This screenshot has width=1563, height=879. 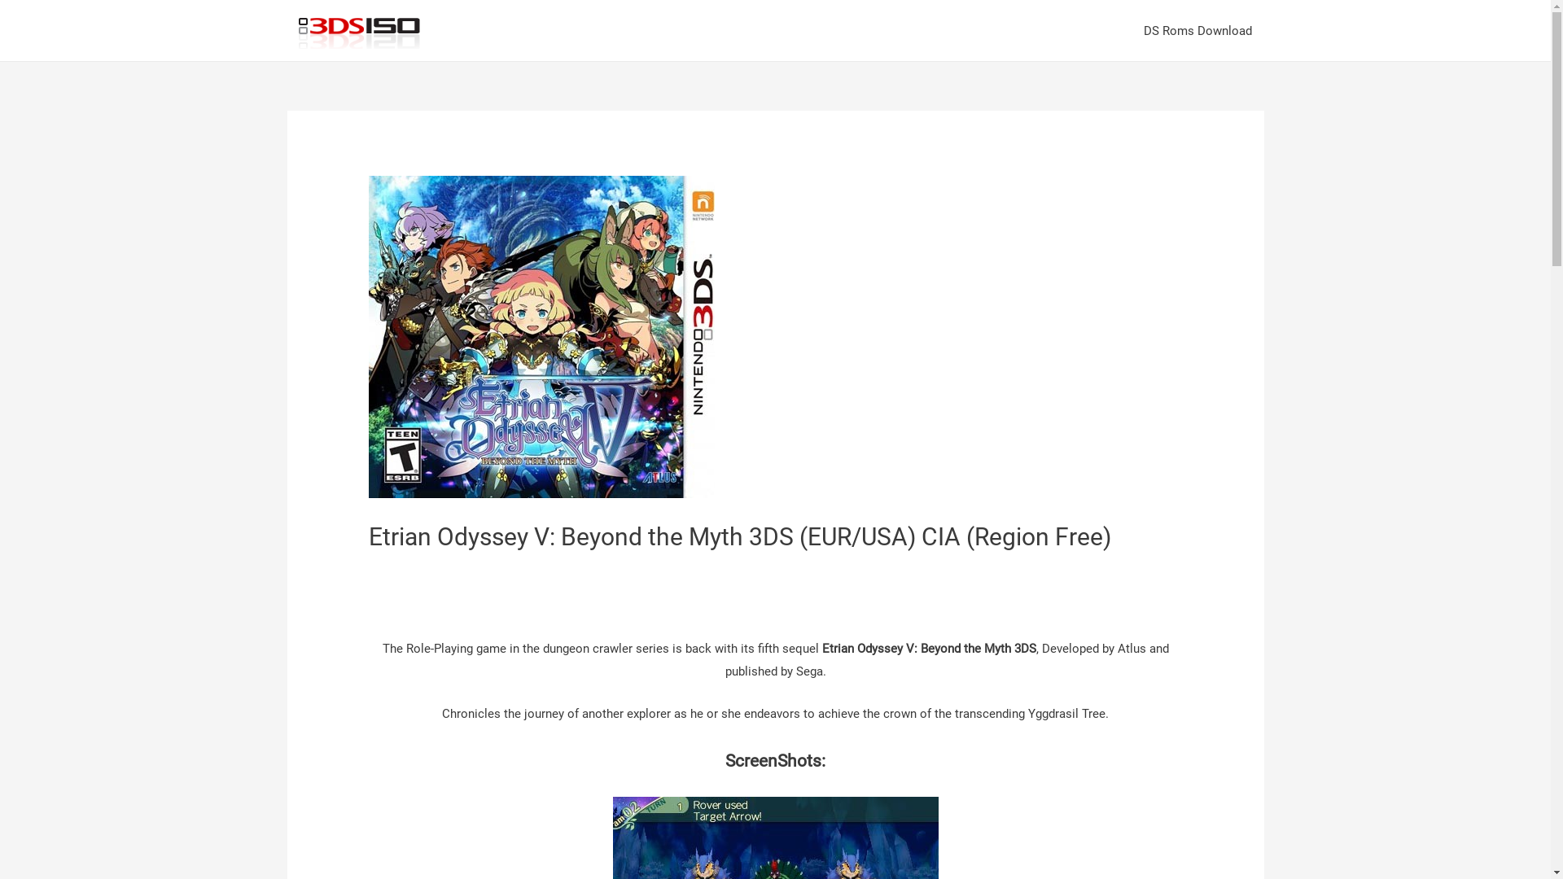 What do you see at coordinates (1197, 31) in the screenshot?
I see `'DS Roms Download'` at bounding box center [1197, 31].